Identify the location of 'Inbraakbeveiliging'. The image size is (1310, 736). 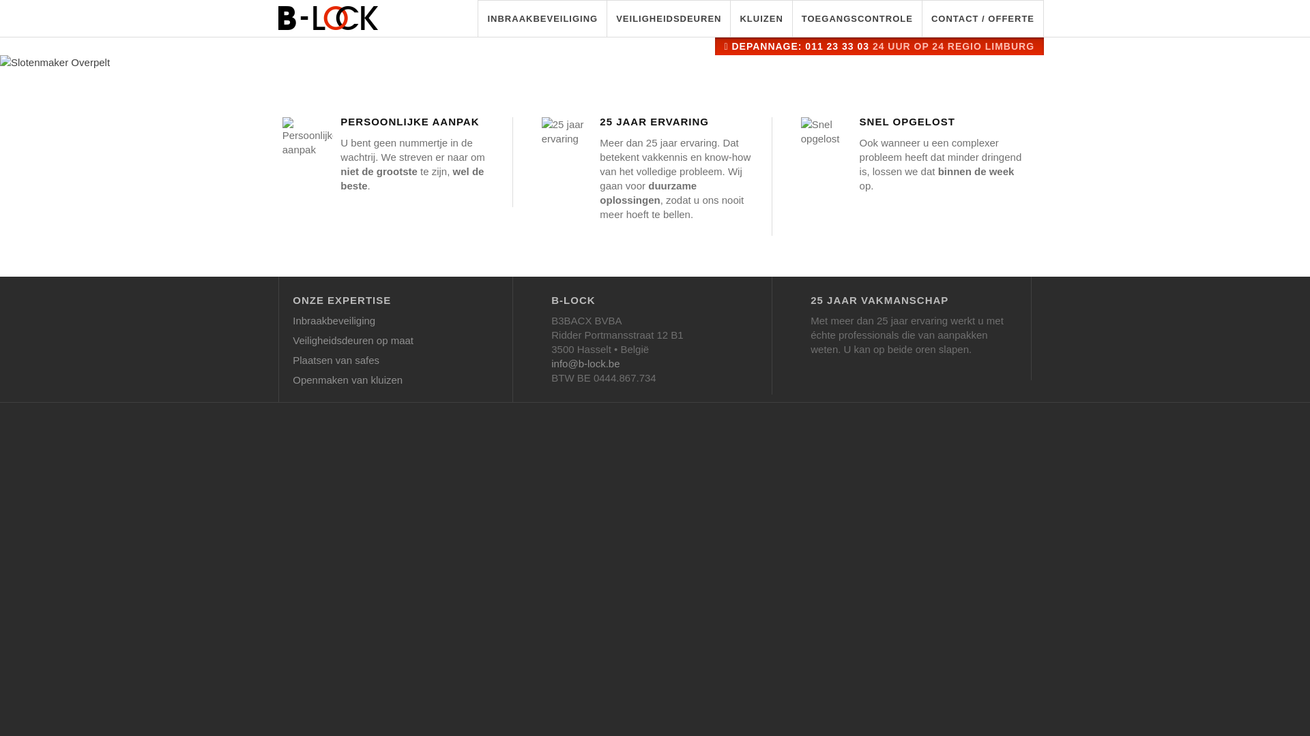
(291, 323).